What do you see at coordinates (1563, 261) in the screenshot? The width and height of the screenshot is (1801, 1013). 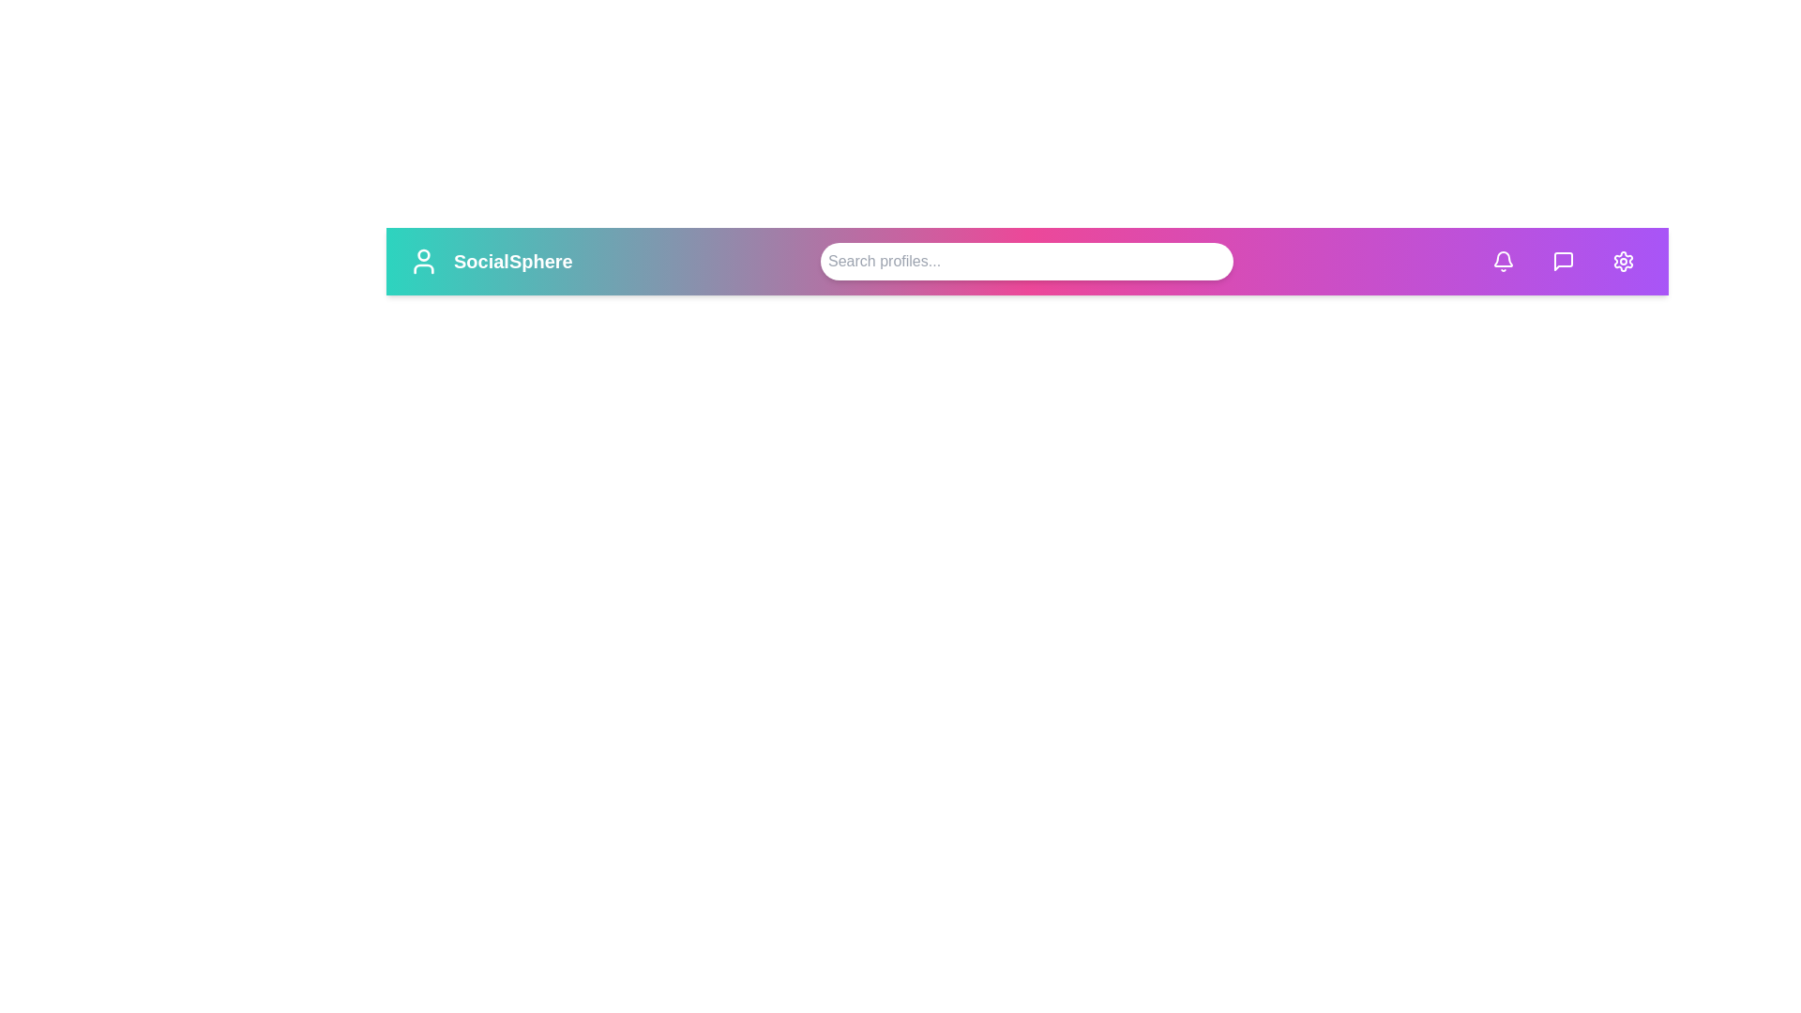 I see `the message icon to open the messages section` at bounding box center [1563, 261].